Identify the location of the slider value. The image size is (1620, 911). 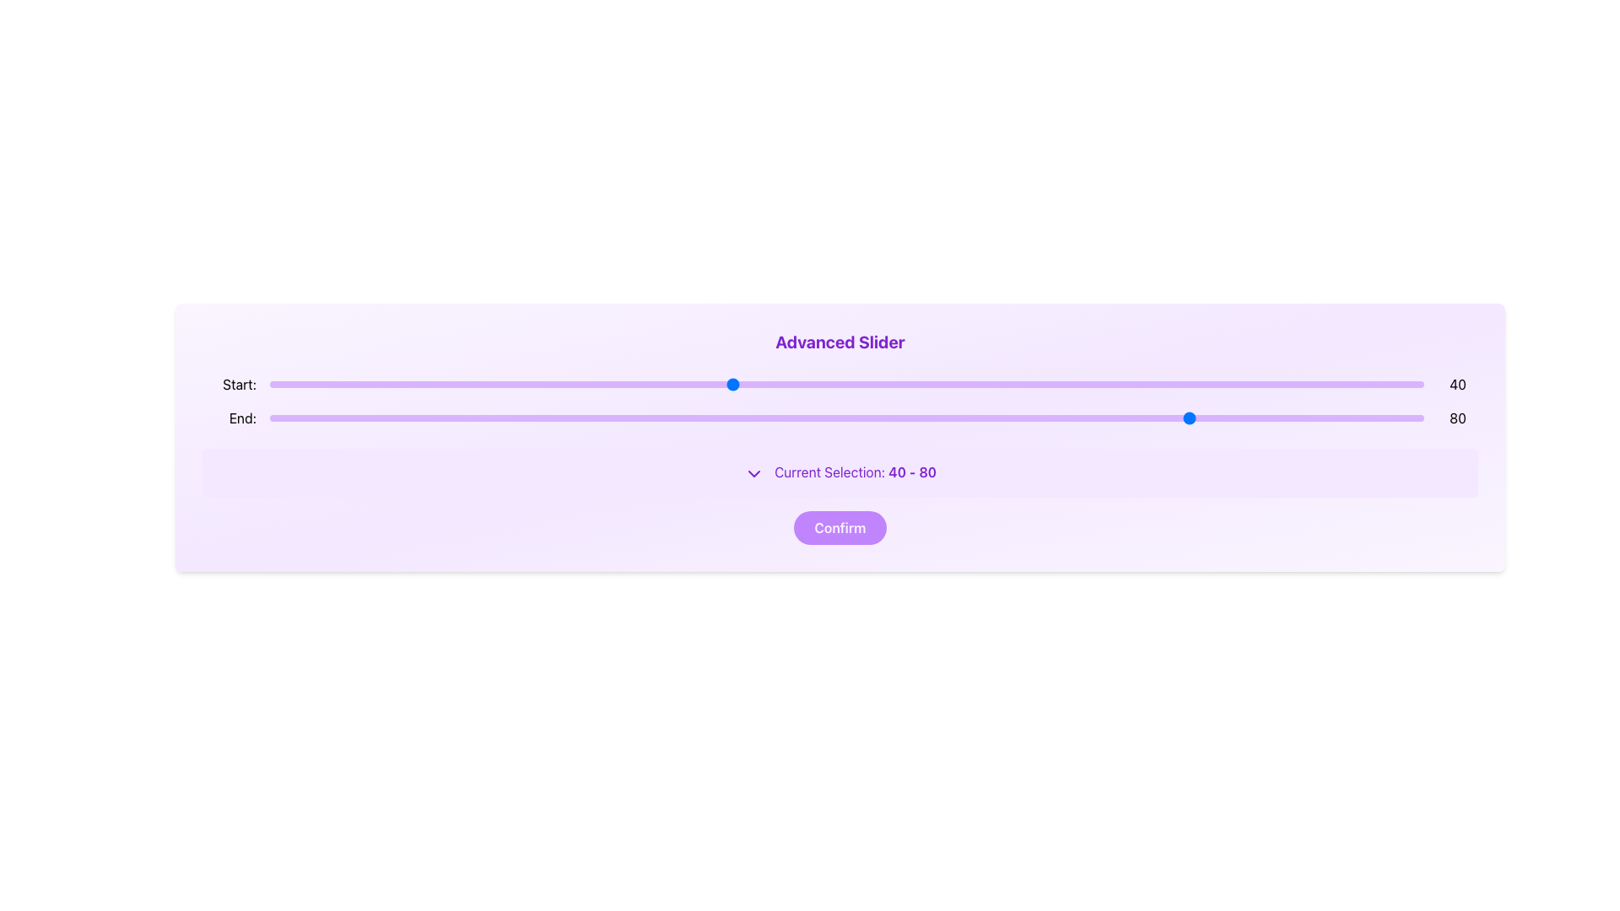
(812, 418).